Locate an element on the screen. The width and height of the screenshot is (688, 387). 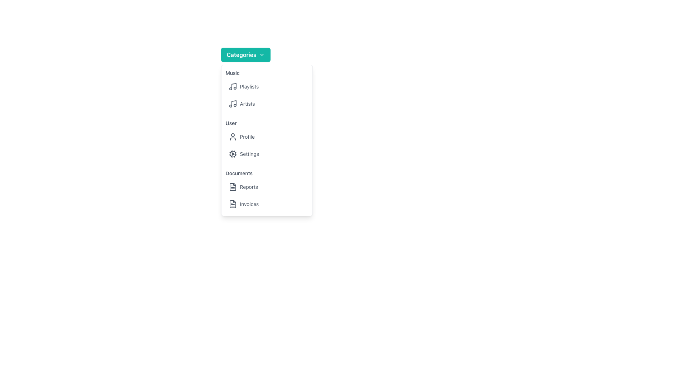
the text label for the artists section in the Music menu, which is located below the green 'Categories' button is located at coordinates (247, 104).